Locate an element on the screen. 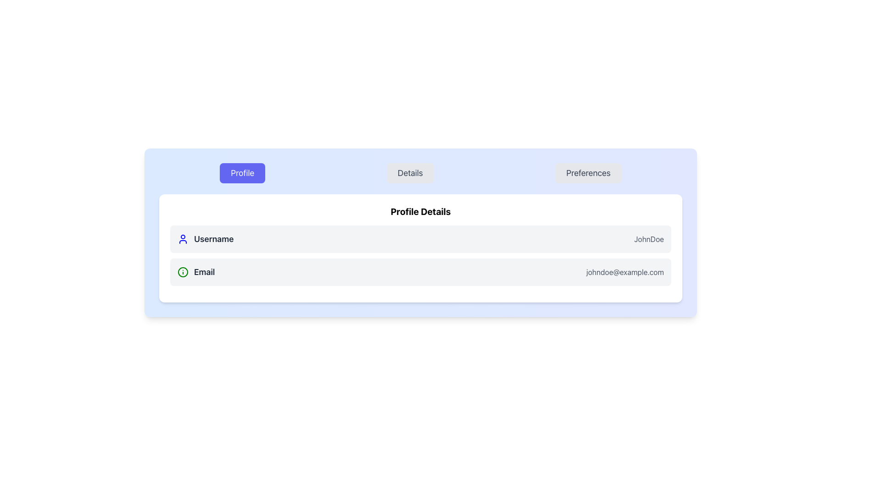 The image size is (881, 495). the 'Details' button, which is the second button in a horizontal layout of three buttons is located at coordinates (409, 173).